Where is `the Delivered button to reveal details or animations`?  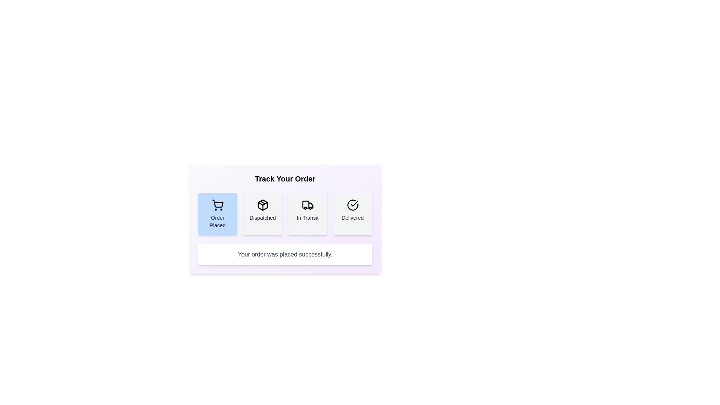
the Delivered button to reveal details or animations is located at coordinates (352, 214).